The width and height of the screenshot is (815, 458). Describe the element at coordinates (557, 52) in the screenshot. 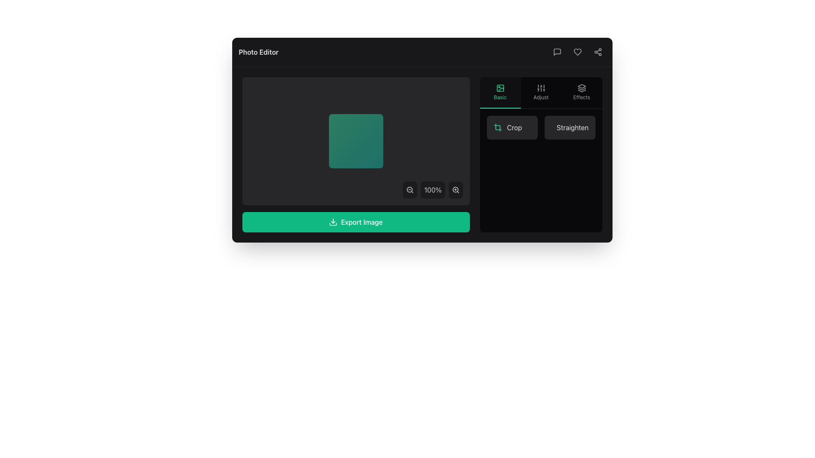

I see `the chat bubble icon located in the top-right section of the application's header bar` at that location.